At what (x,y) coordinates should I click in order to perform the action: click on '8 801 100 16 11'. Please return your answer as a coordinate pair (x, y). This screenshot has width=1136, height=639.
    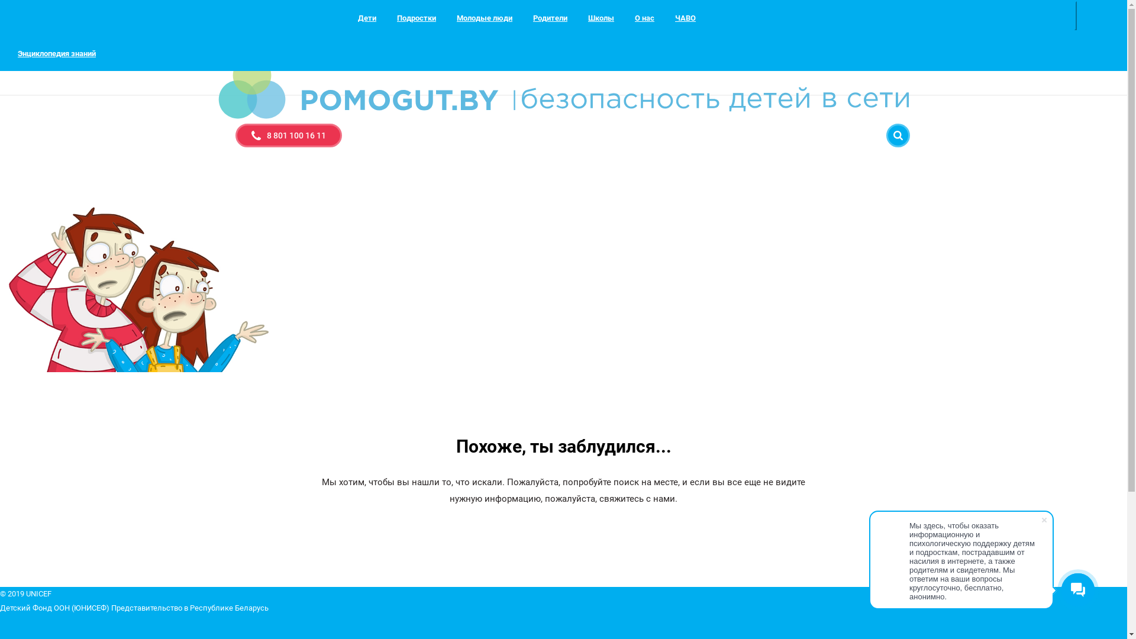
    Looking at the image, I should click on (289, 134).